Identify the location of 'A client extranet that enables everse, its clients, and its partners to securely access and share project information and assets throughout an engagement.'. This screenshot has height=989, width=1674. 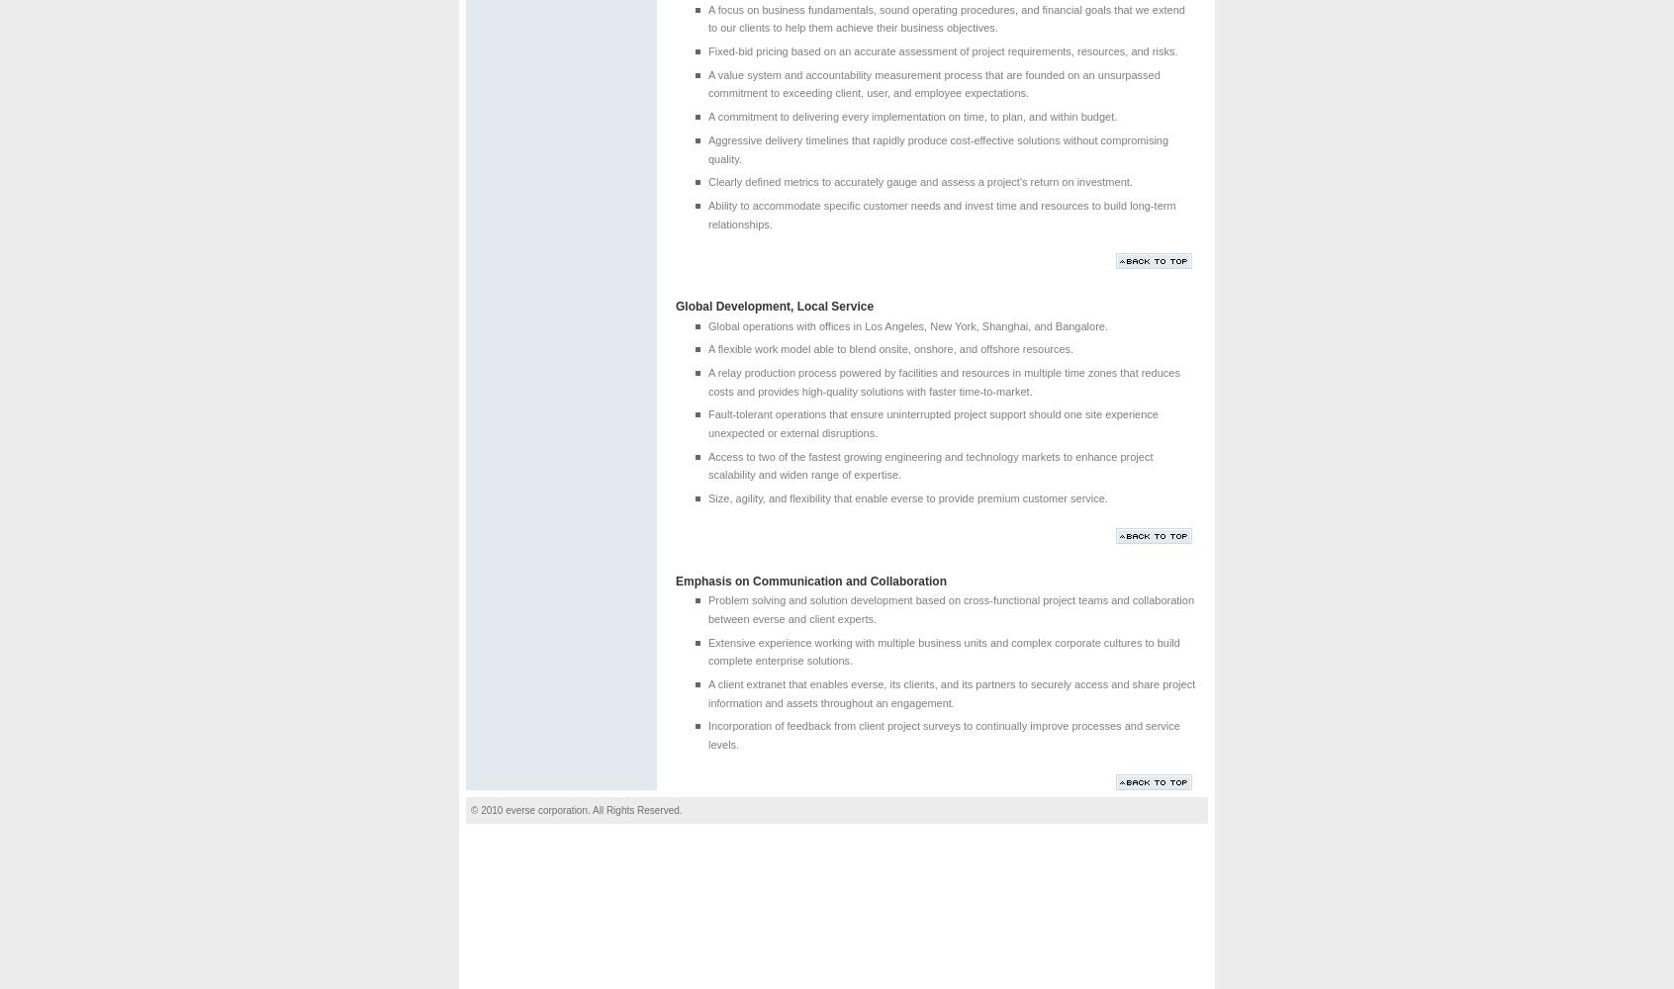
(952, 691).